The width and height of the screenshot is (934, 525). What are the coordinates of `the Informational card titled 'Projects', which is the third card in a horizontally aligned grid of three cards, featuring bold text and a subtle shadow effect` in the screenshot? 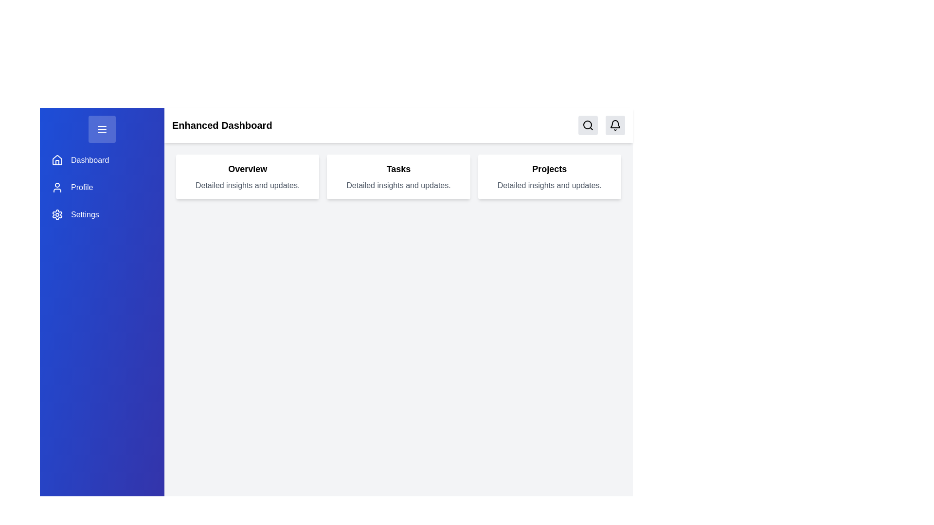 It's located at (549, 176).